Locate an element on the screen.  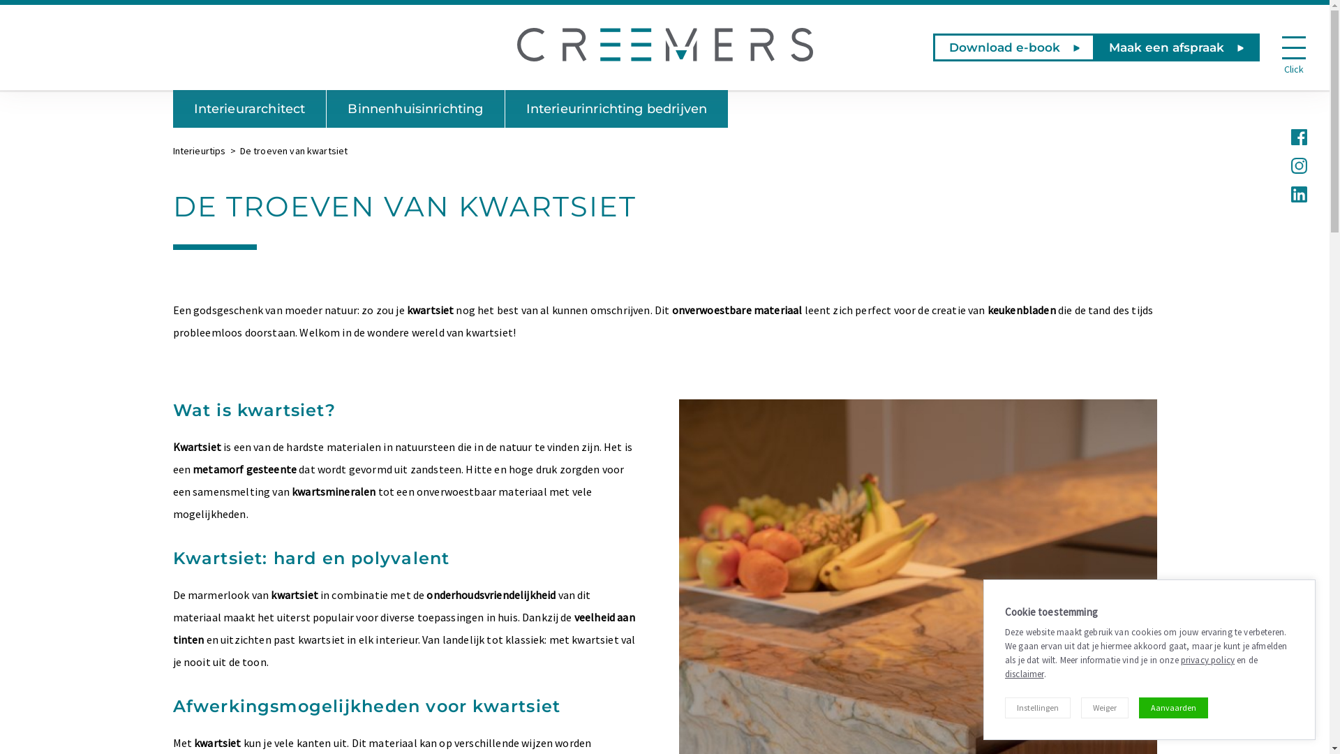
'Download e-book' is located at coordinates (933, 47).